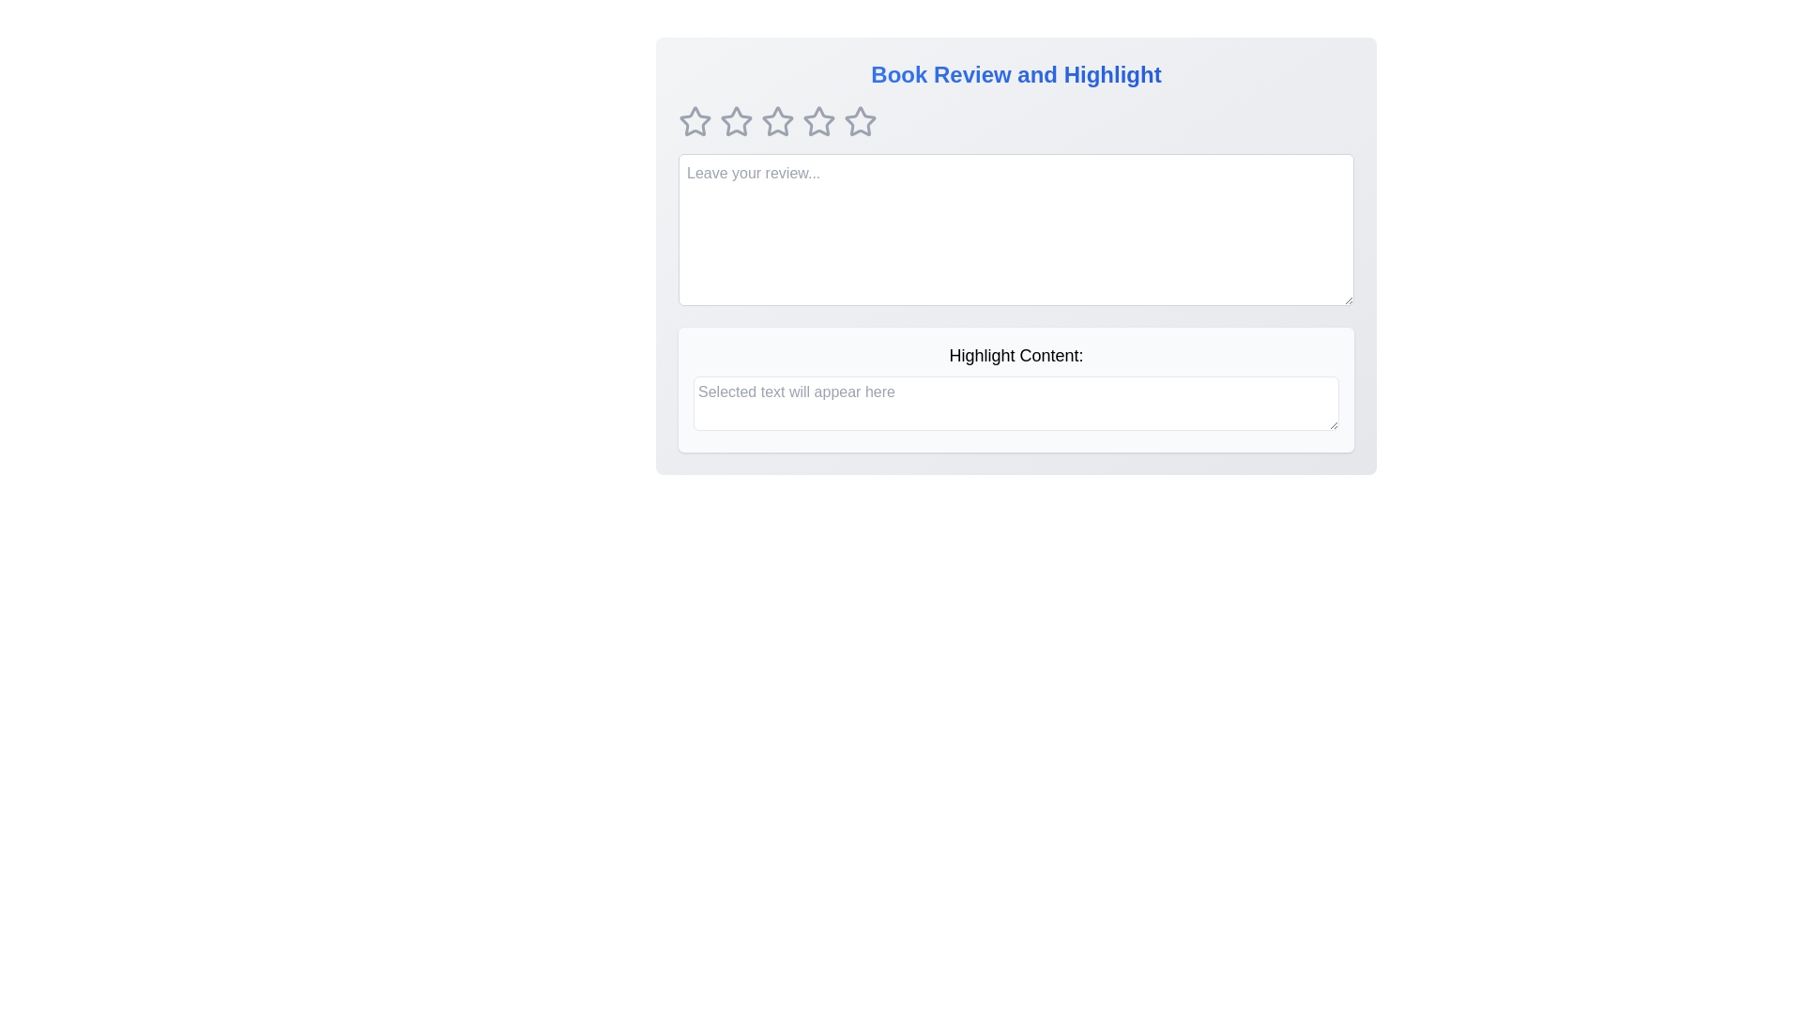  Describe the element at coordinates (859, 122) in the screenshot. I see `the star rating icon corresponding to 5 stars to preview the rating` at that location.